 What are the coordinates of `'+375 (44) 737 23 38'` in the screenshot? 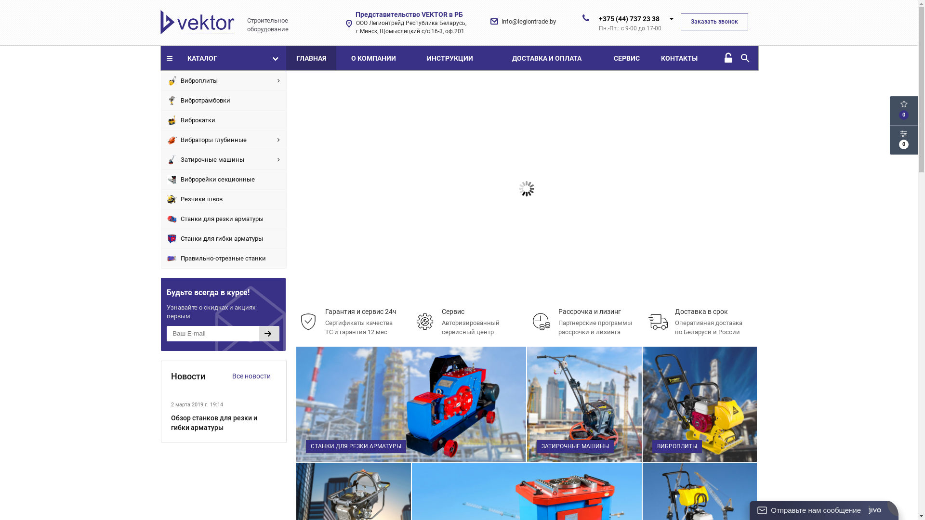 It's located at (629, 18).